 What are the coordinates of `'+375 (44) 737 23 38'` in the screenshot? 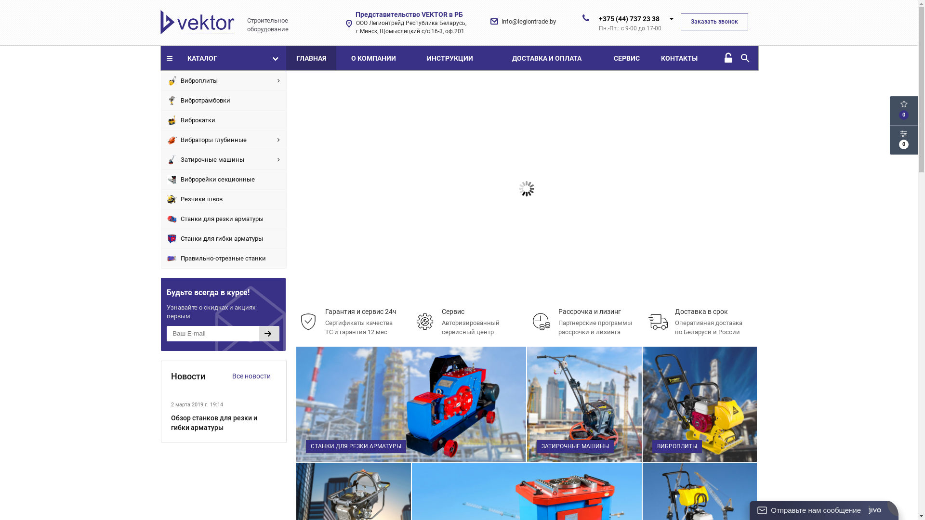 It's located at (629, 18).